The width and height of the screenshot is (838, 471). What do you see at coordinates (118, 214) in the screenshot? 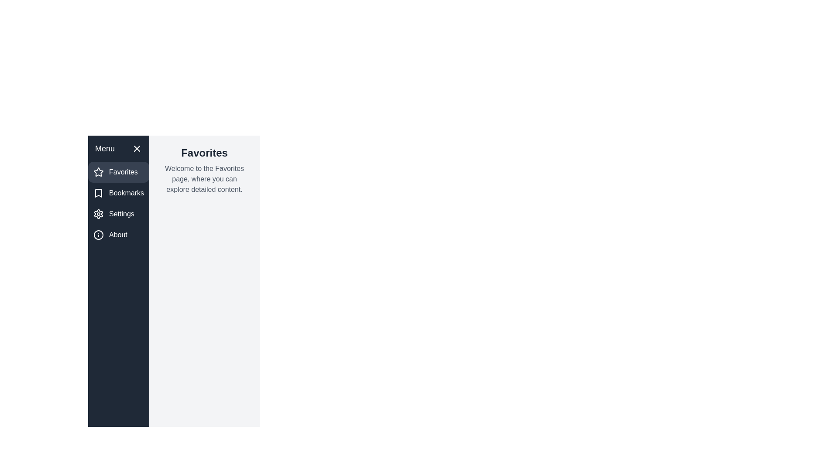
I see `the 'Settings' button` at bounding box center [118, 214].